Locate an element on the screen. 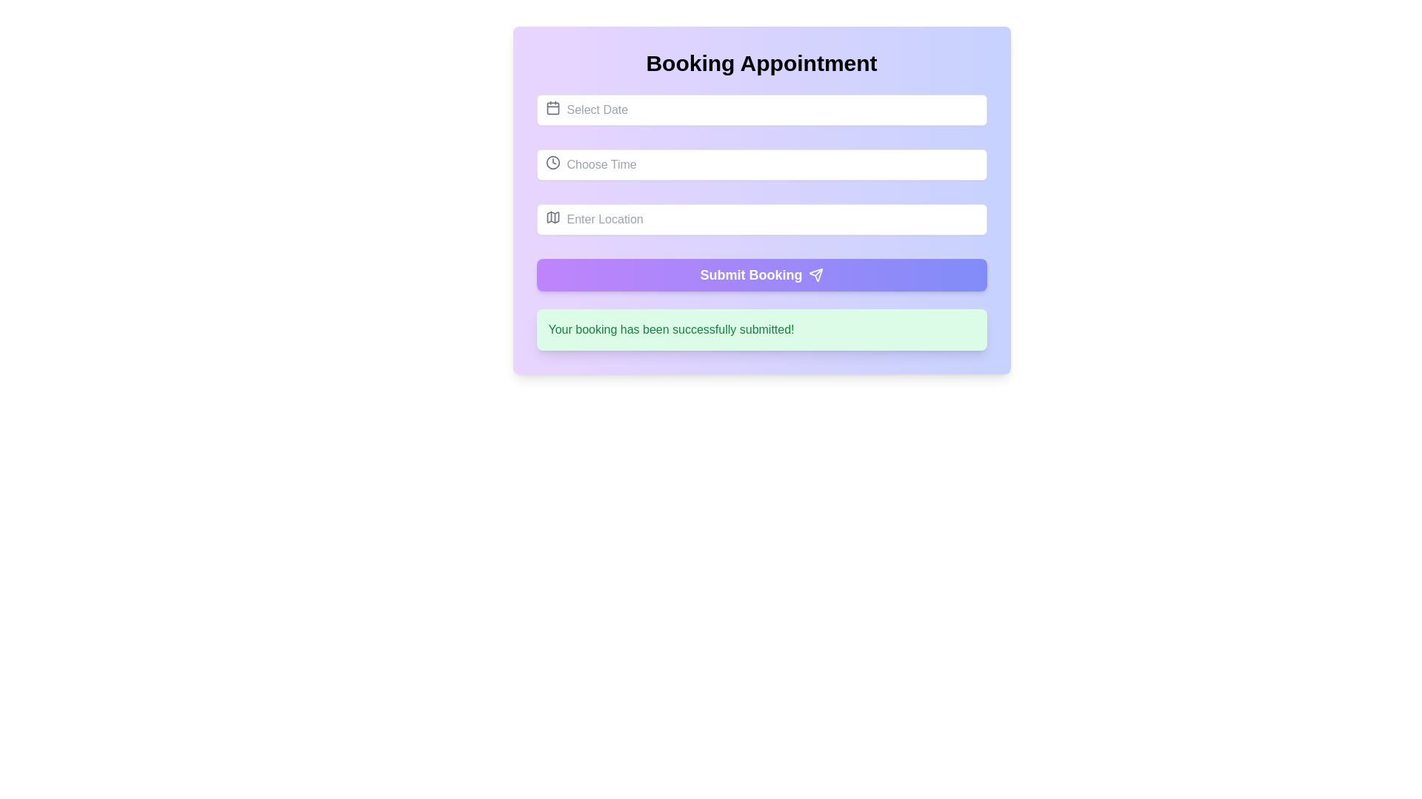 This screenshot has width=1422, height=799. the circular clock icon located next to the 'Choose Time' input field, which is part of an SVG structure is located at coordinates (552, 162).